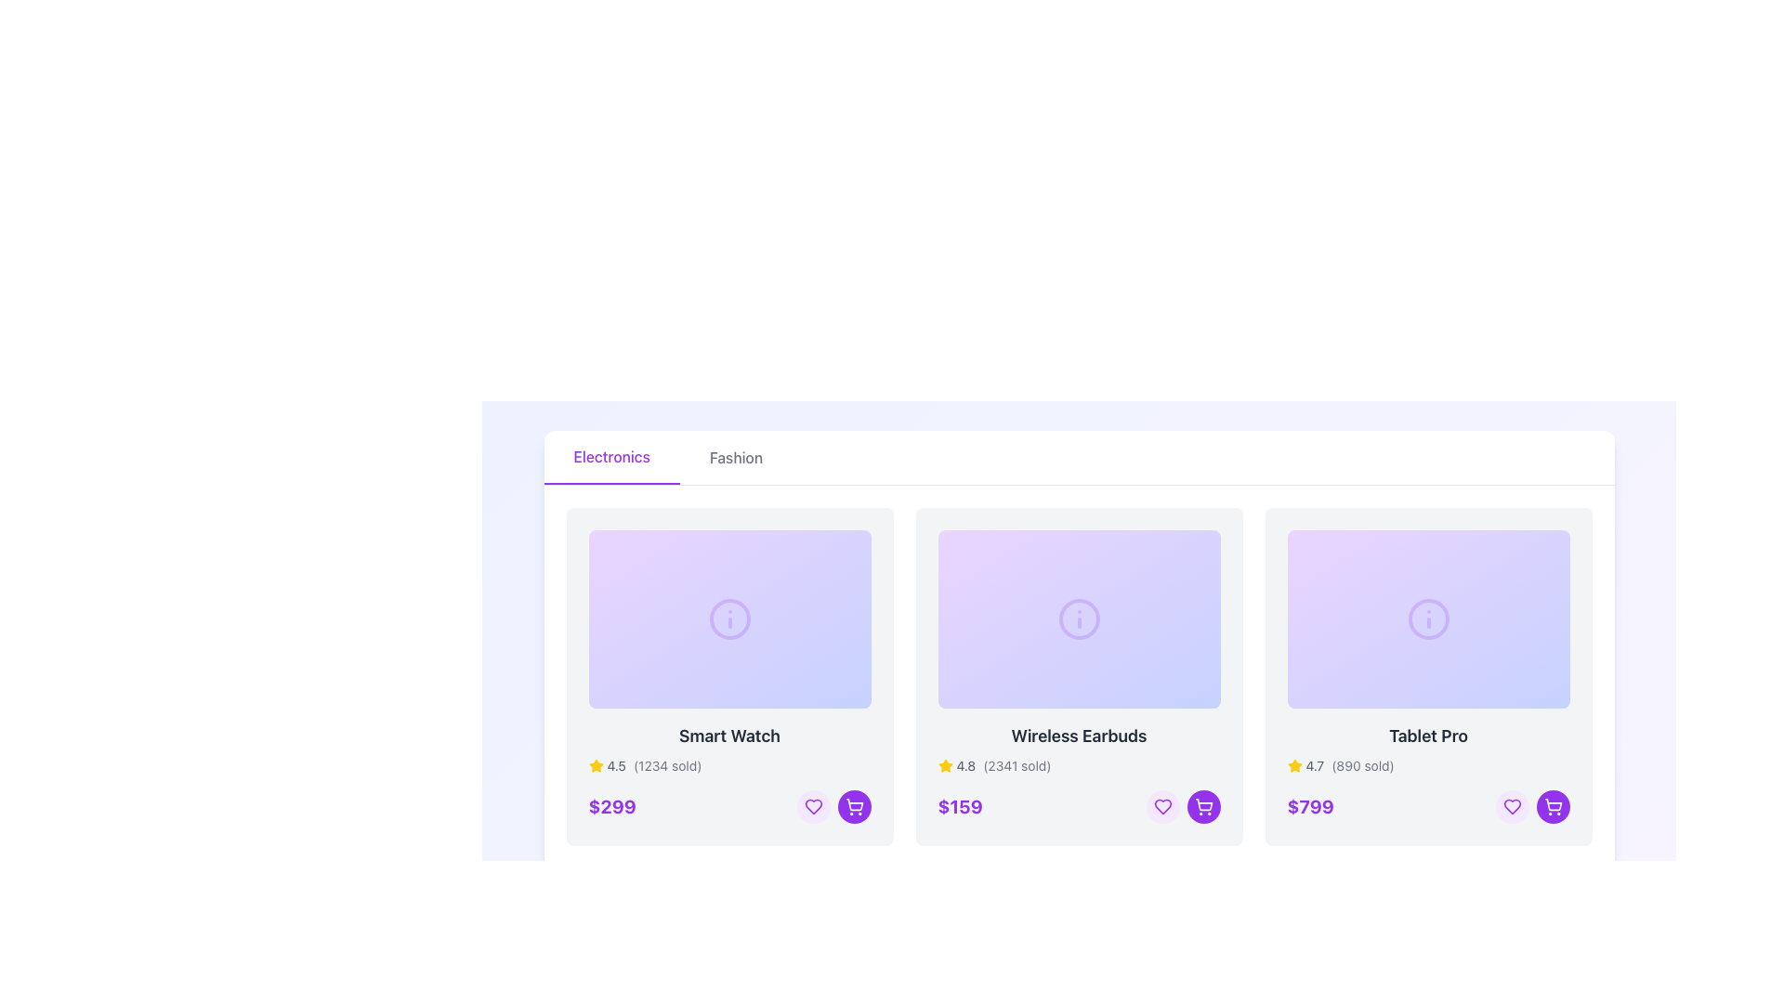  I want to click on the 'Fashion' navigation link, which is styled with medium font weight and changes color on hover, so click(735, 458).